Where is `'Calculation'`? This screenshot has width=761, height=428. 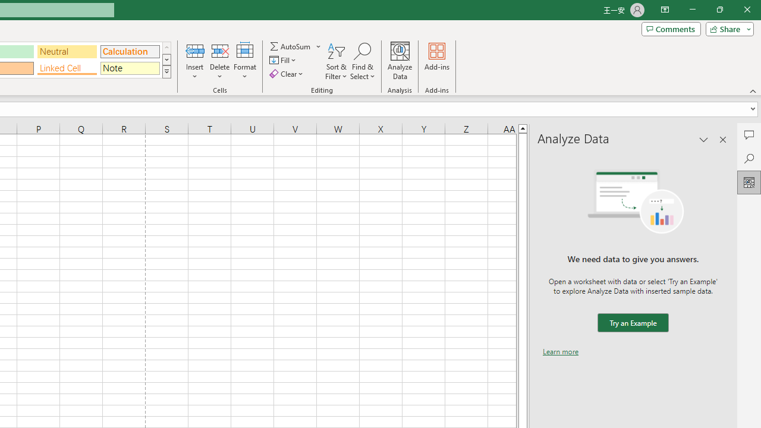 'Calculation' is located at coordinates (130, 51).